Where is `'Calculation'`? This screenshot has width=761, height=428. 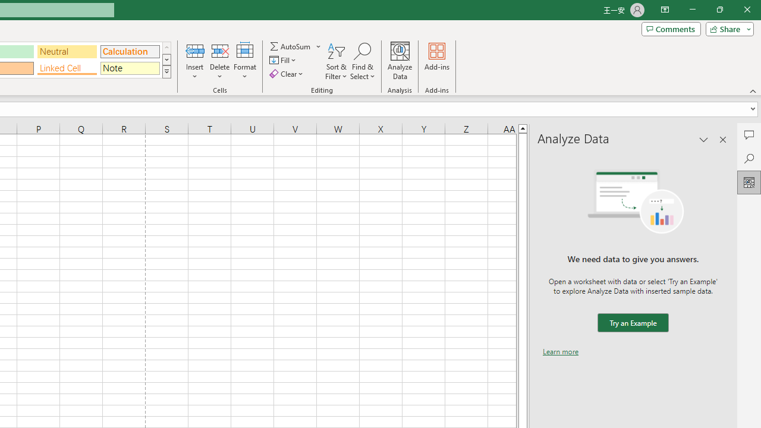 'Calculation' is located at coordinates (130, 51).